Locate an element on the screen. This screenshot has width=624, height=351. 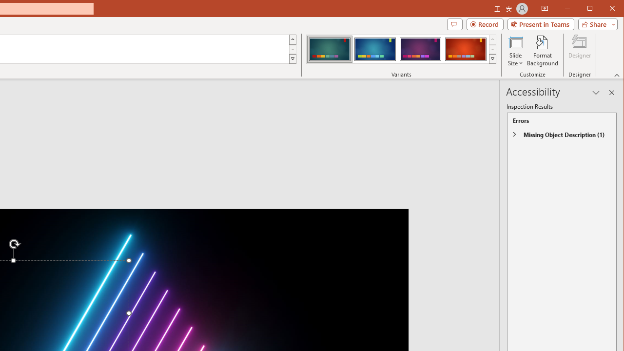
'Ion Variant 2' is located at coordinates (374, 49).